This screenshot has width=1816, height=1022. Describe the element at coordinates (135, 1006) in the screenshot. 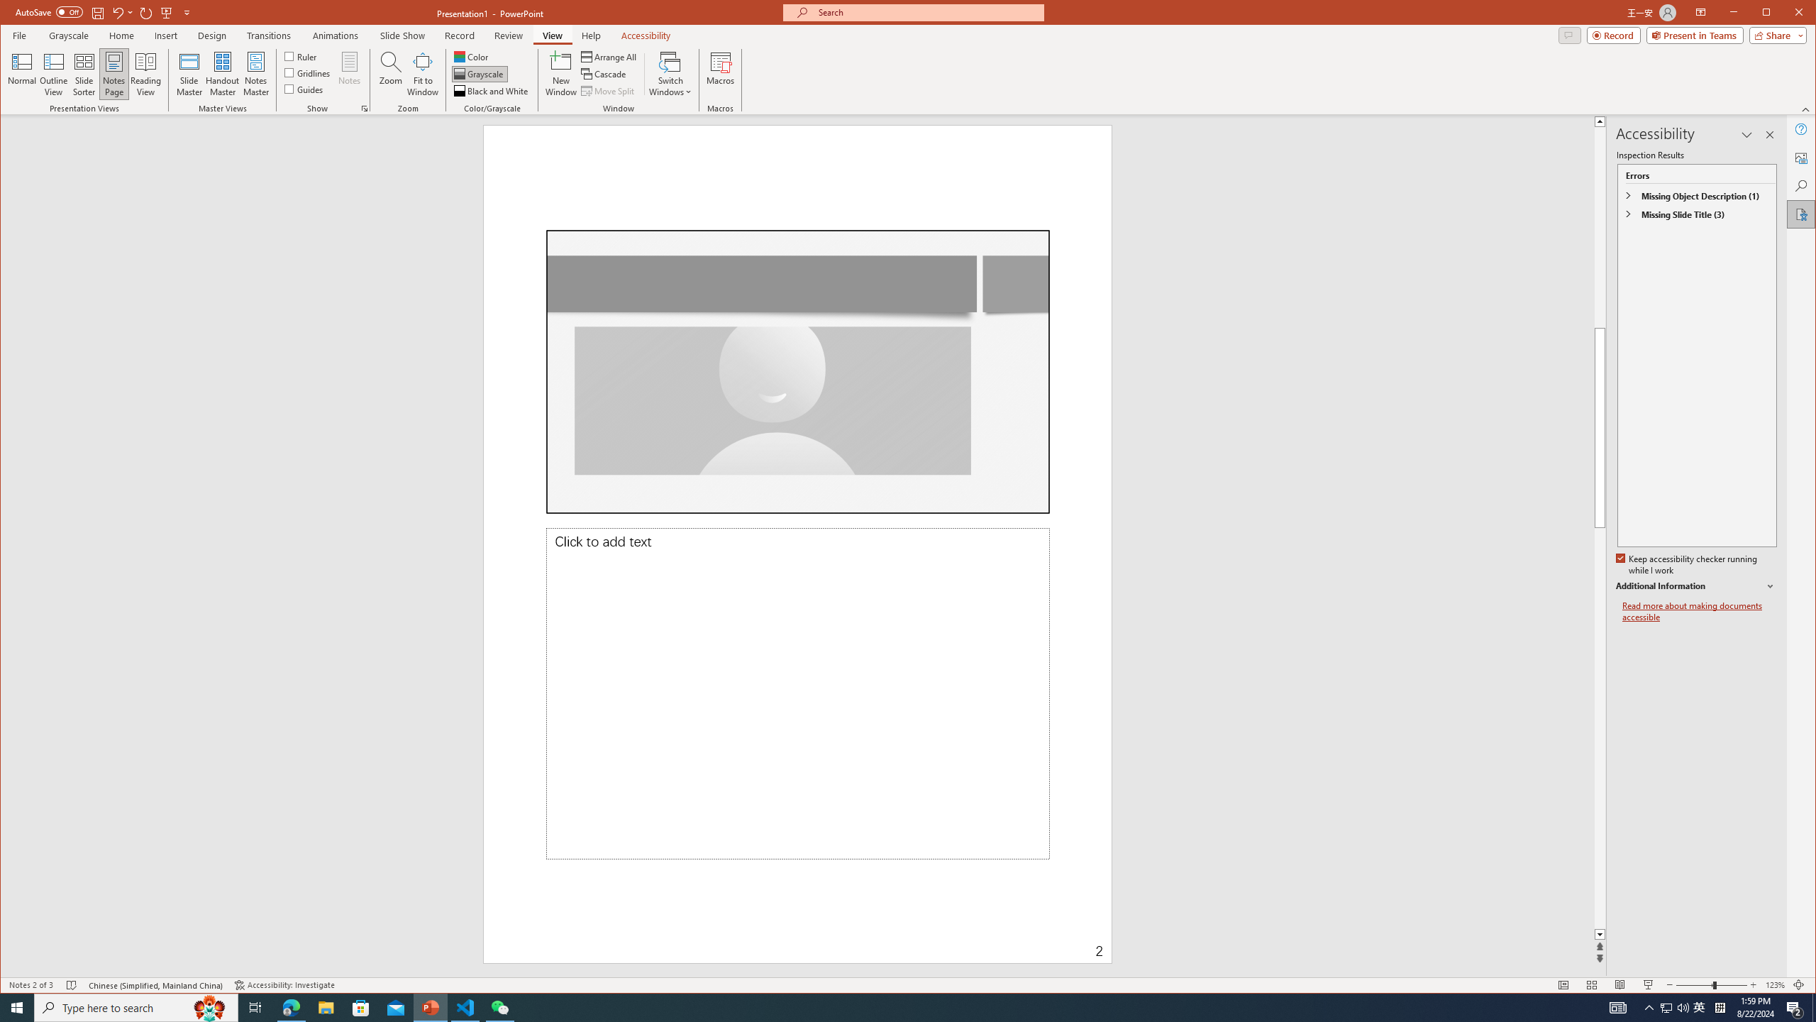

I see `'Type here to search'` at that location.